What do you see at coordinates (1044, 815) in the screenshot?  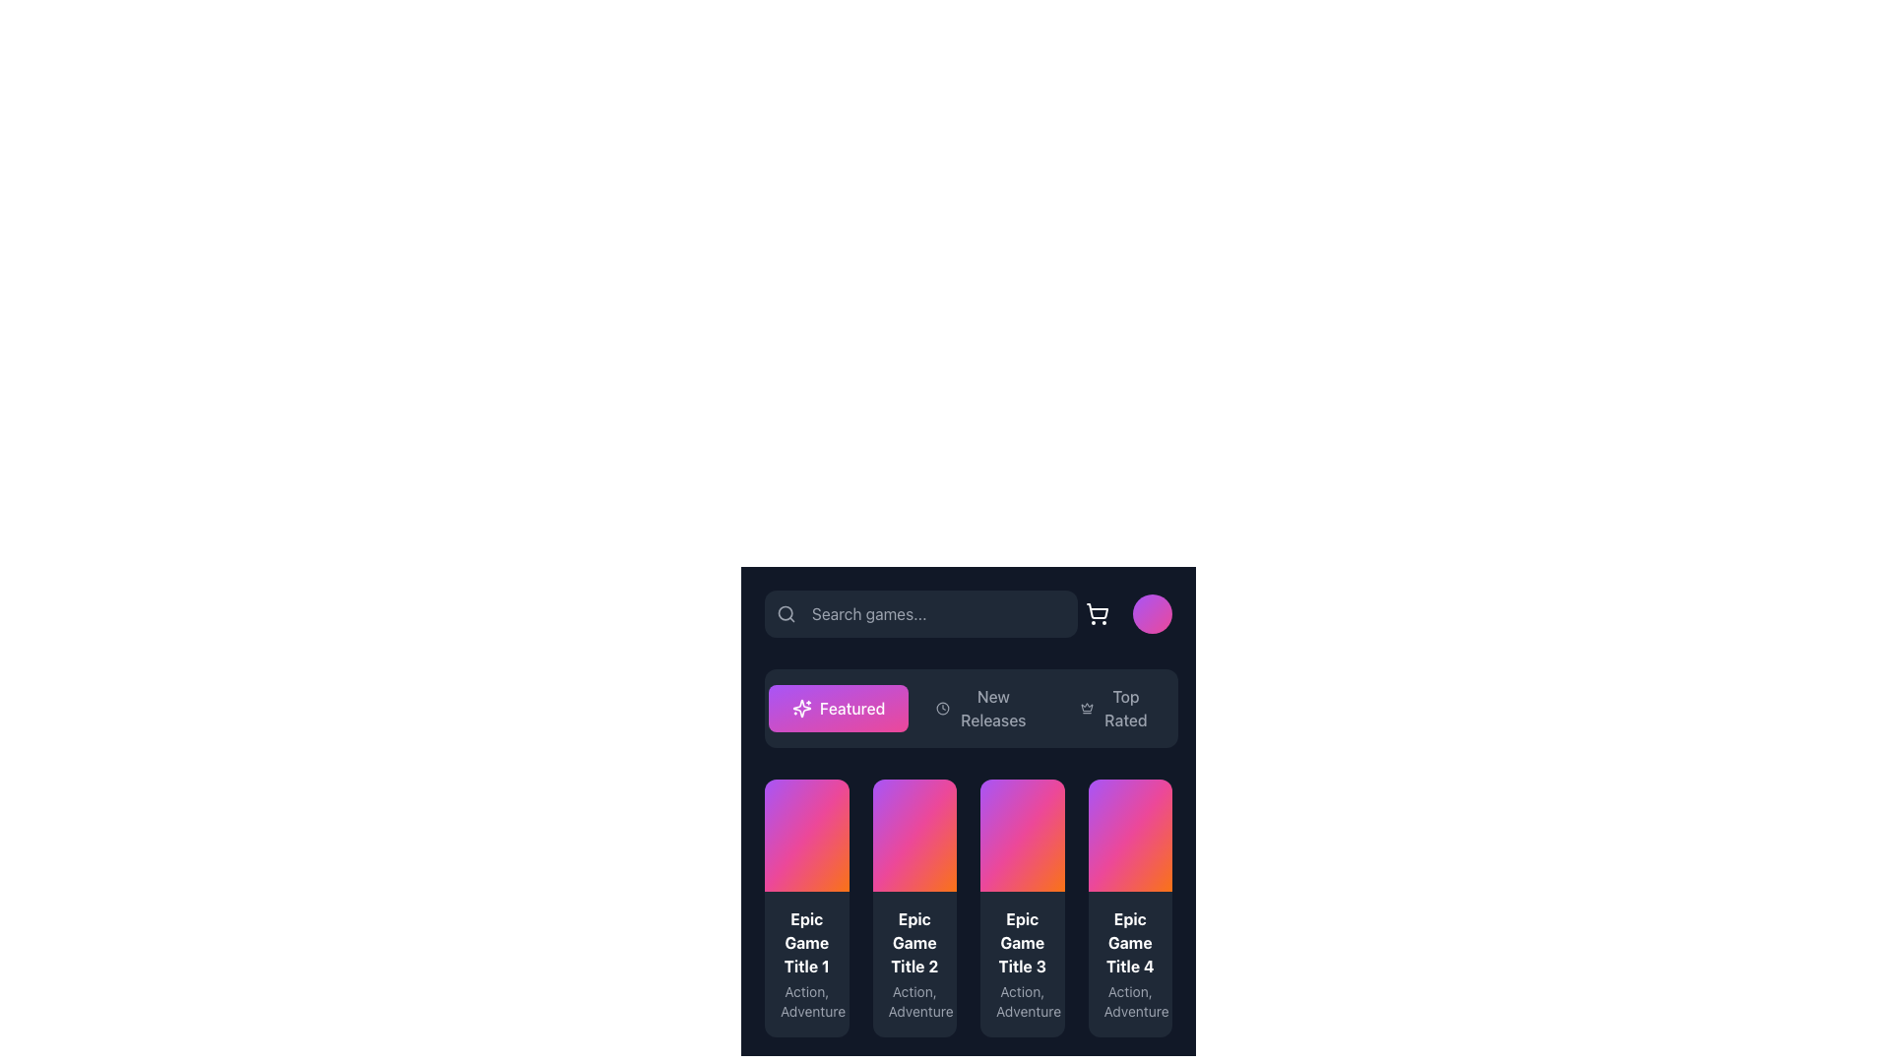 I see `the heart-shaped icon at the right end beneath the third game title card for keyboard interaction` at bounding box center [1044, 815].